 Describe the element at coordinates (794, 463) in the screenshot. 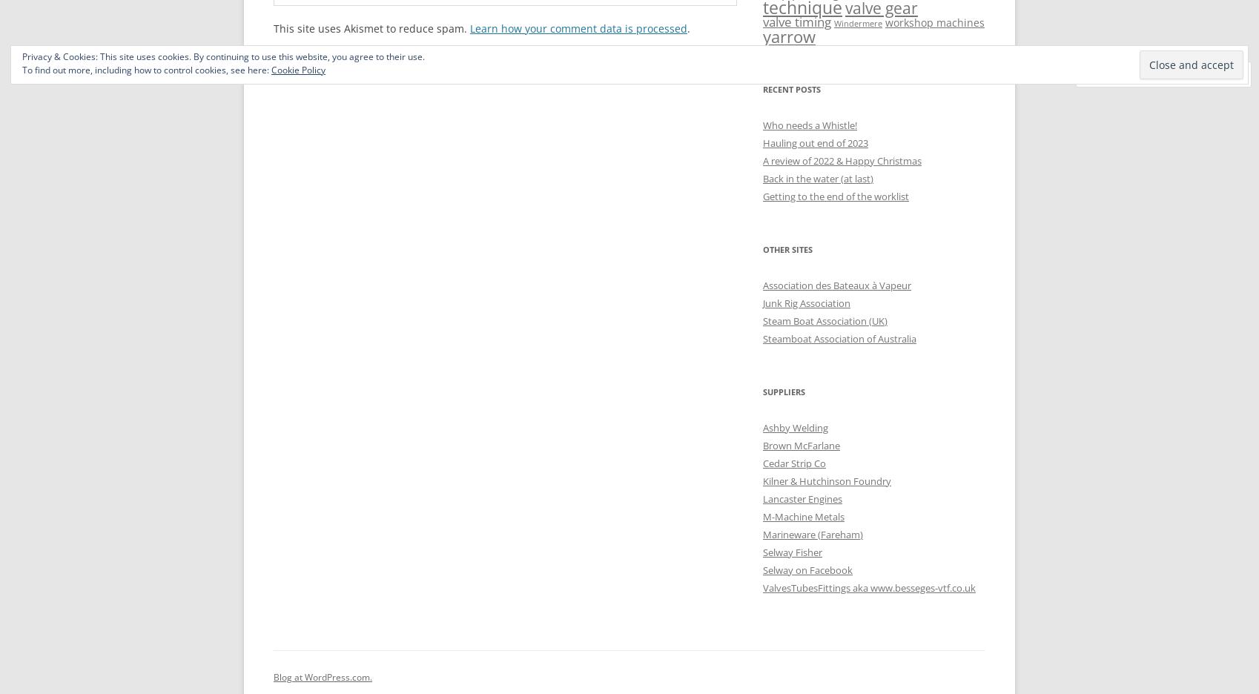

I see `'Cedar Strip Co'` at that location.